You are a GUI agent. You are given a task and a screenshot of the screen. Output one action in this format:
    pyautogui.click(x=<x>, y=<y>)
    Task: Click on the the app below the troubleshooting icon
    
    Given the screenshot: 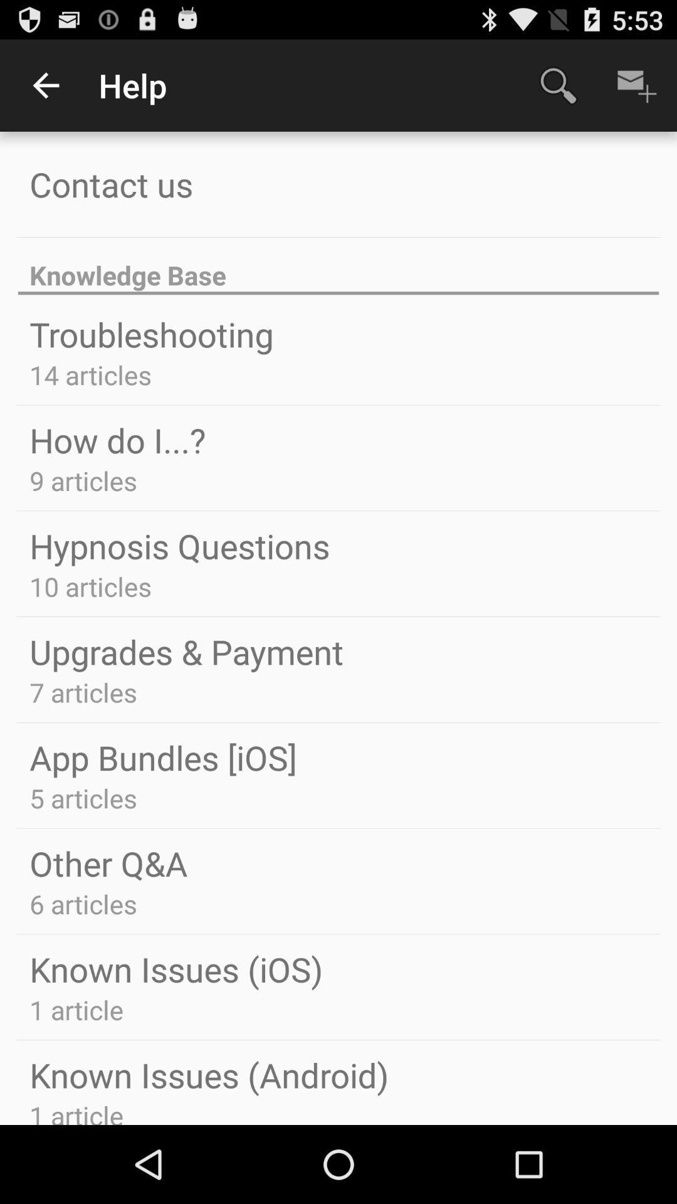 What is the action you would take?
    pyautogui.click(x=90, y=374)
    